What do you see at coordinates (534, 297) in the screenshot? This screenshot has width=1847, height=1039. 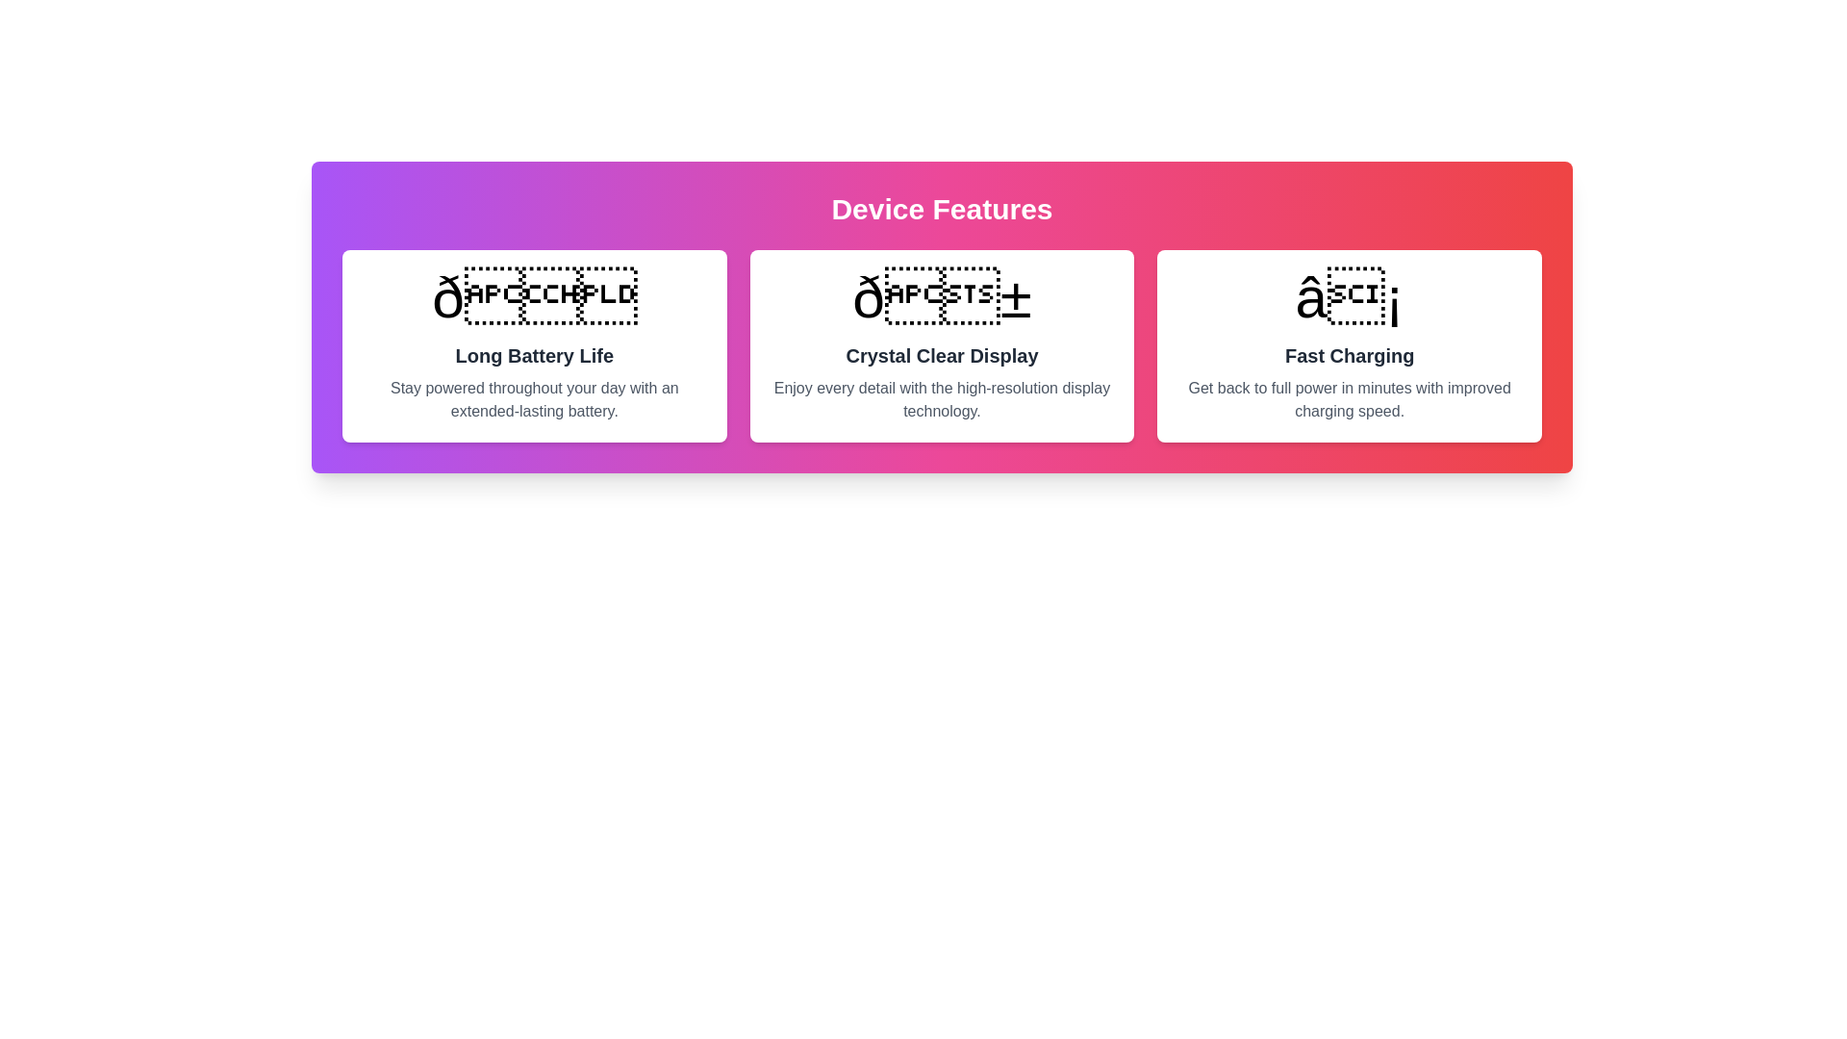 I see `the emoji icon representing 'Long Battery Life', which is centrally located in a horizontal layout of three feature icons` at bounding box center [534, 297].